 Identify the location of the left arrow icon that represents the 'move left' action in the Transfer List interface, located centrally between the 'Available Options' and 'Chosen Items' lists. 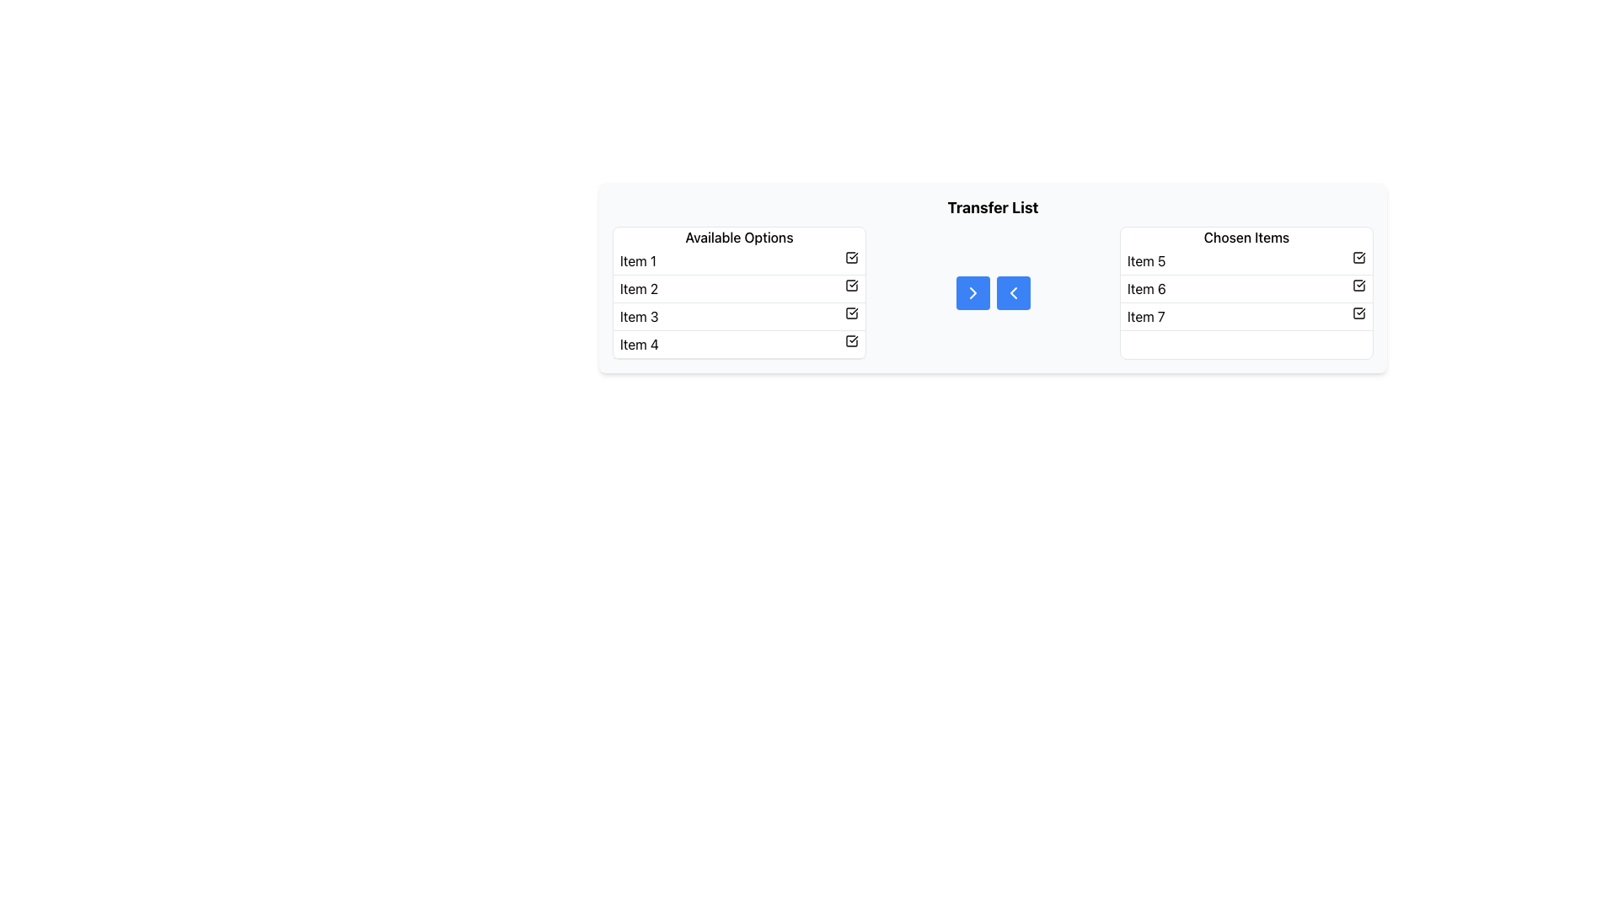
(1012, 292).